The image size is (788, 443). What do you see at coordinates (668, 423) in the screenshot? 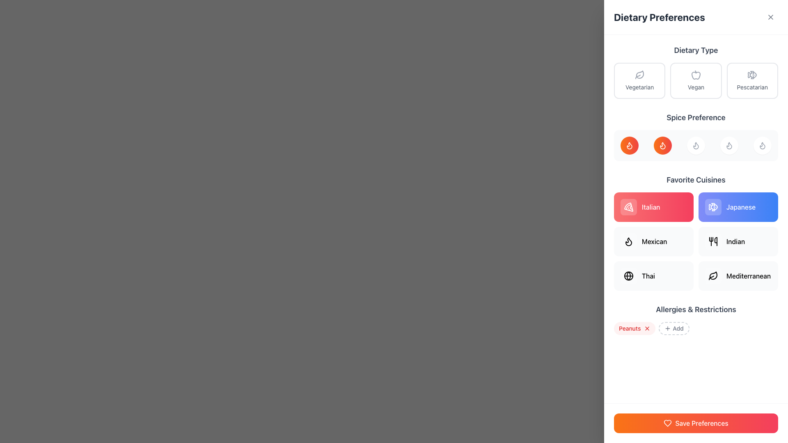
I see `the bright orange heart-shaped icon in the top-right section of the interface to mark it as a favorite` at bounding box center [668, 423].